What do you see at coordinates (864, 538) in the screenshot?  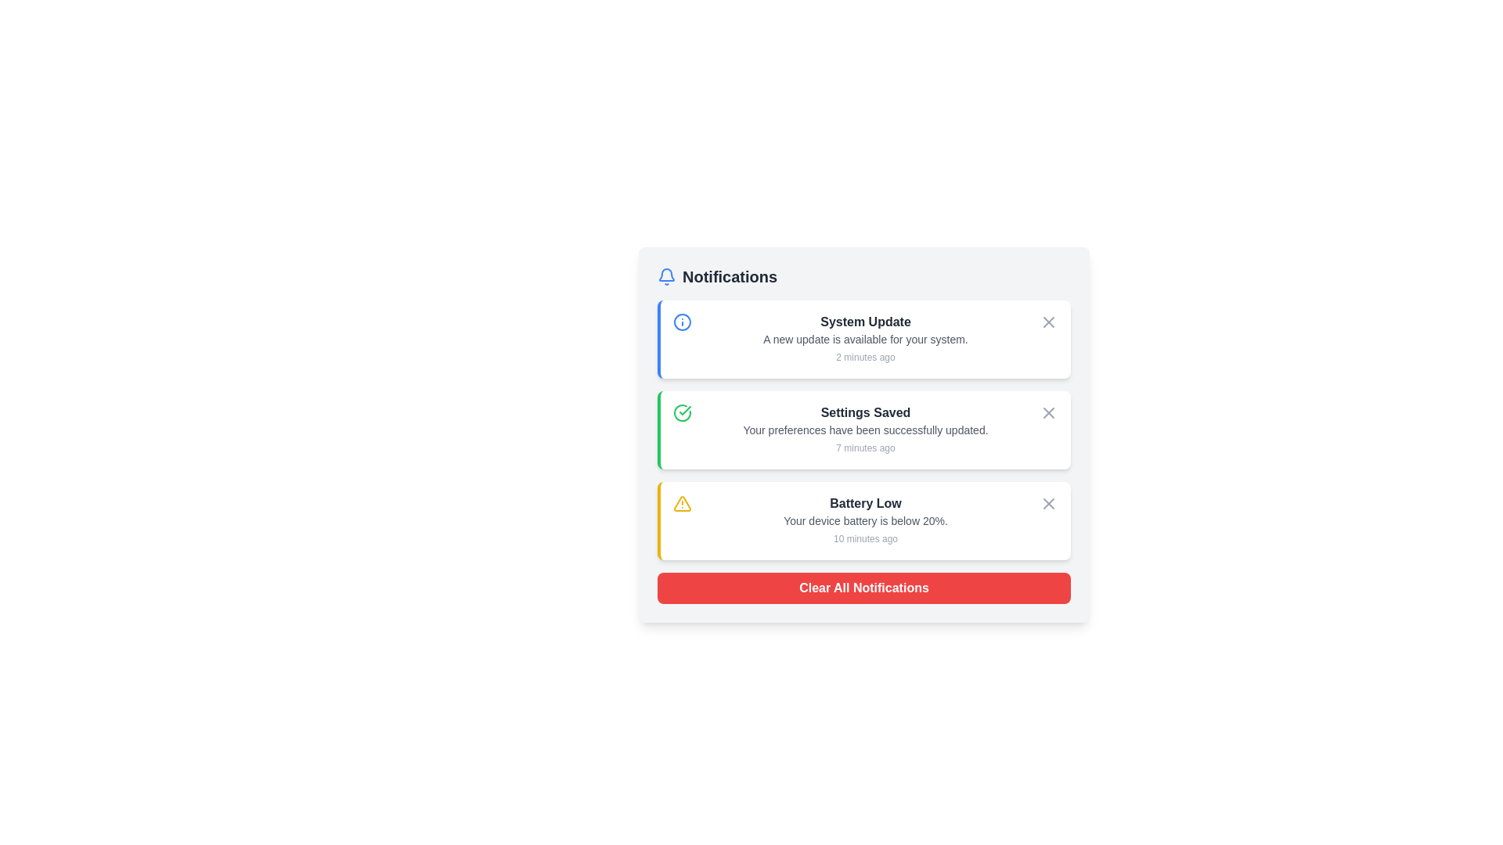 I see `the text content of the '10 minutes ago' timestamp located at the bottom-right corner of the 'Battery Low' notification card` at bounding box center [864, 538].